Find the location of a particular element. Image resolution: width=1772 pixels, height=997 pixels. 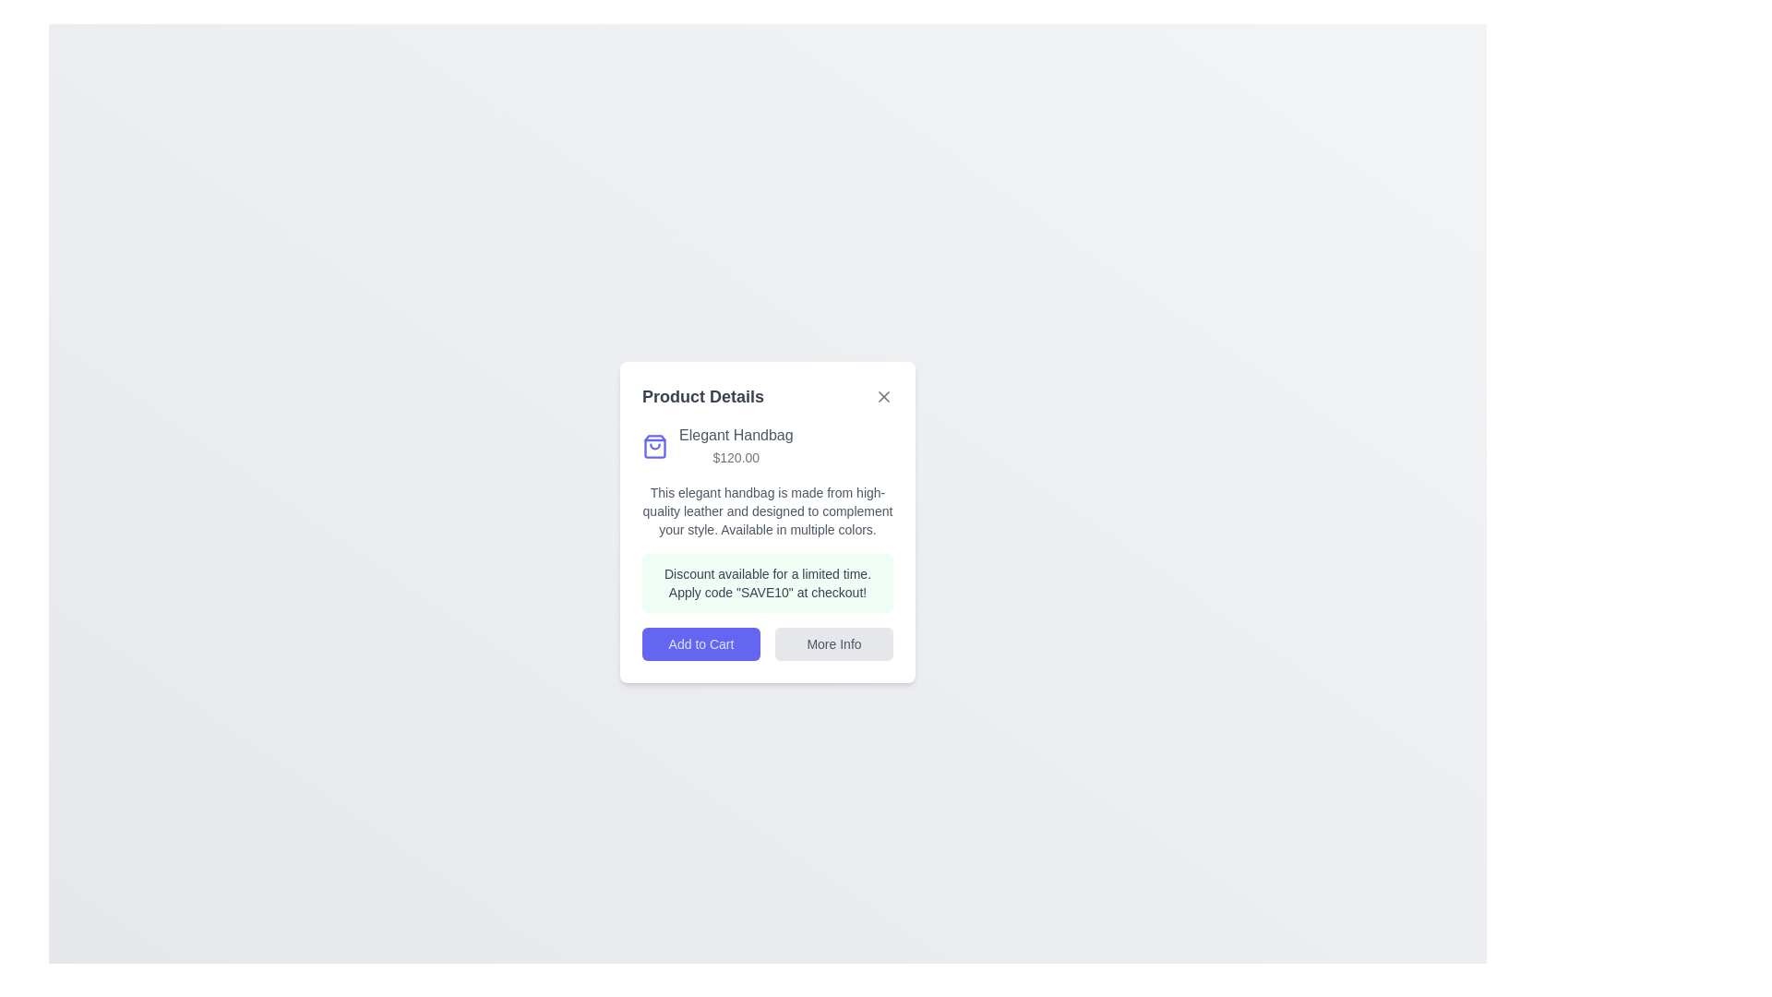

the static text element displaying the discount offer 'SAVE10' on a light green background, located in the middle of the modal interface is located at coordinates (767, 583).